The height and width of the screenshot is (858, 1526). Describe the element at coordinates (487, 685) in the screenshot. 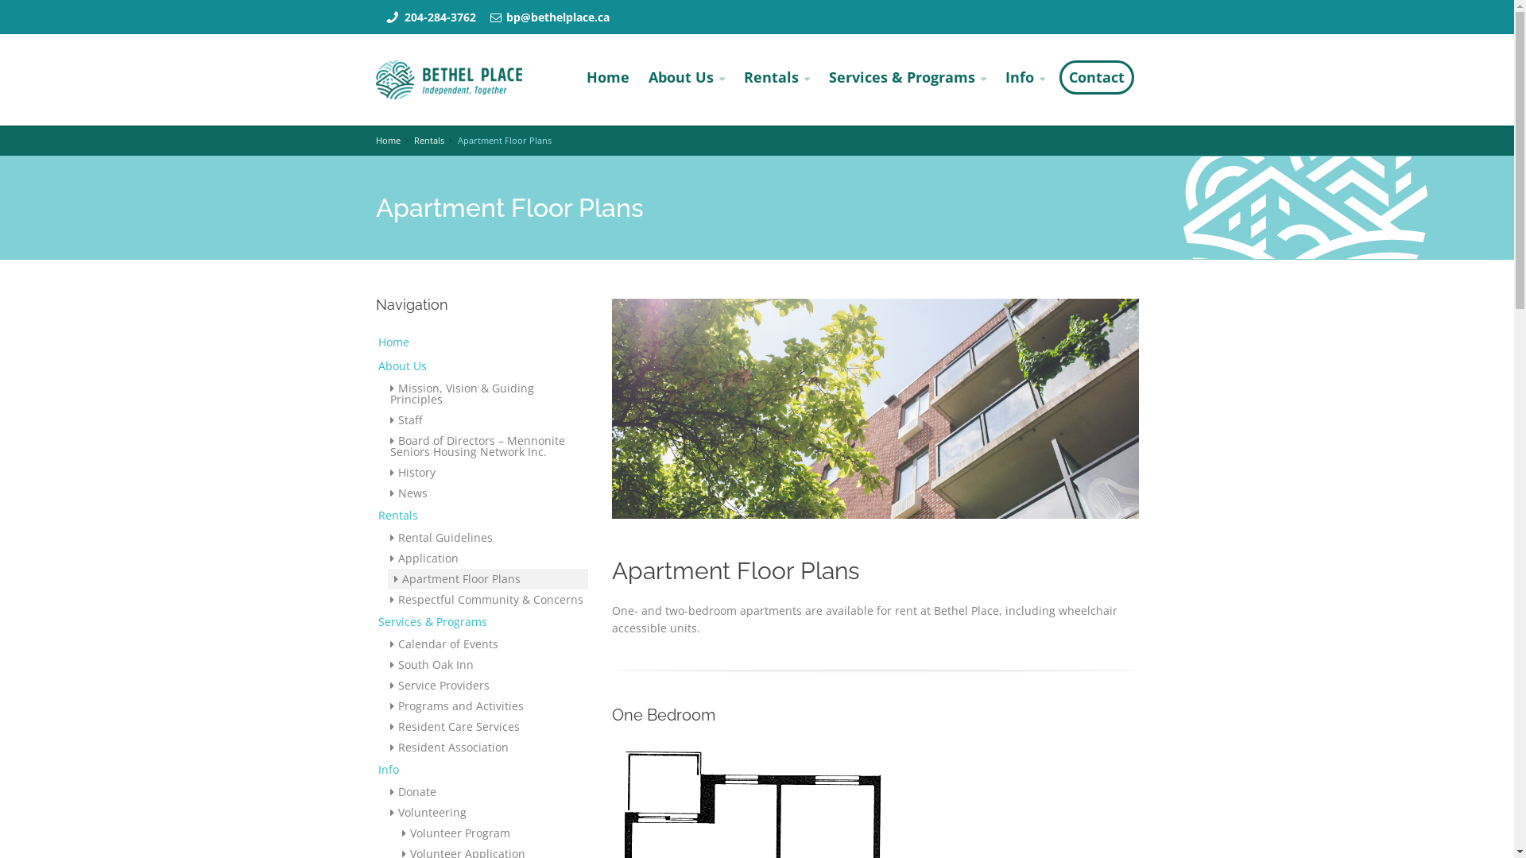

I see `'Service Providers'` at that location.